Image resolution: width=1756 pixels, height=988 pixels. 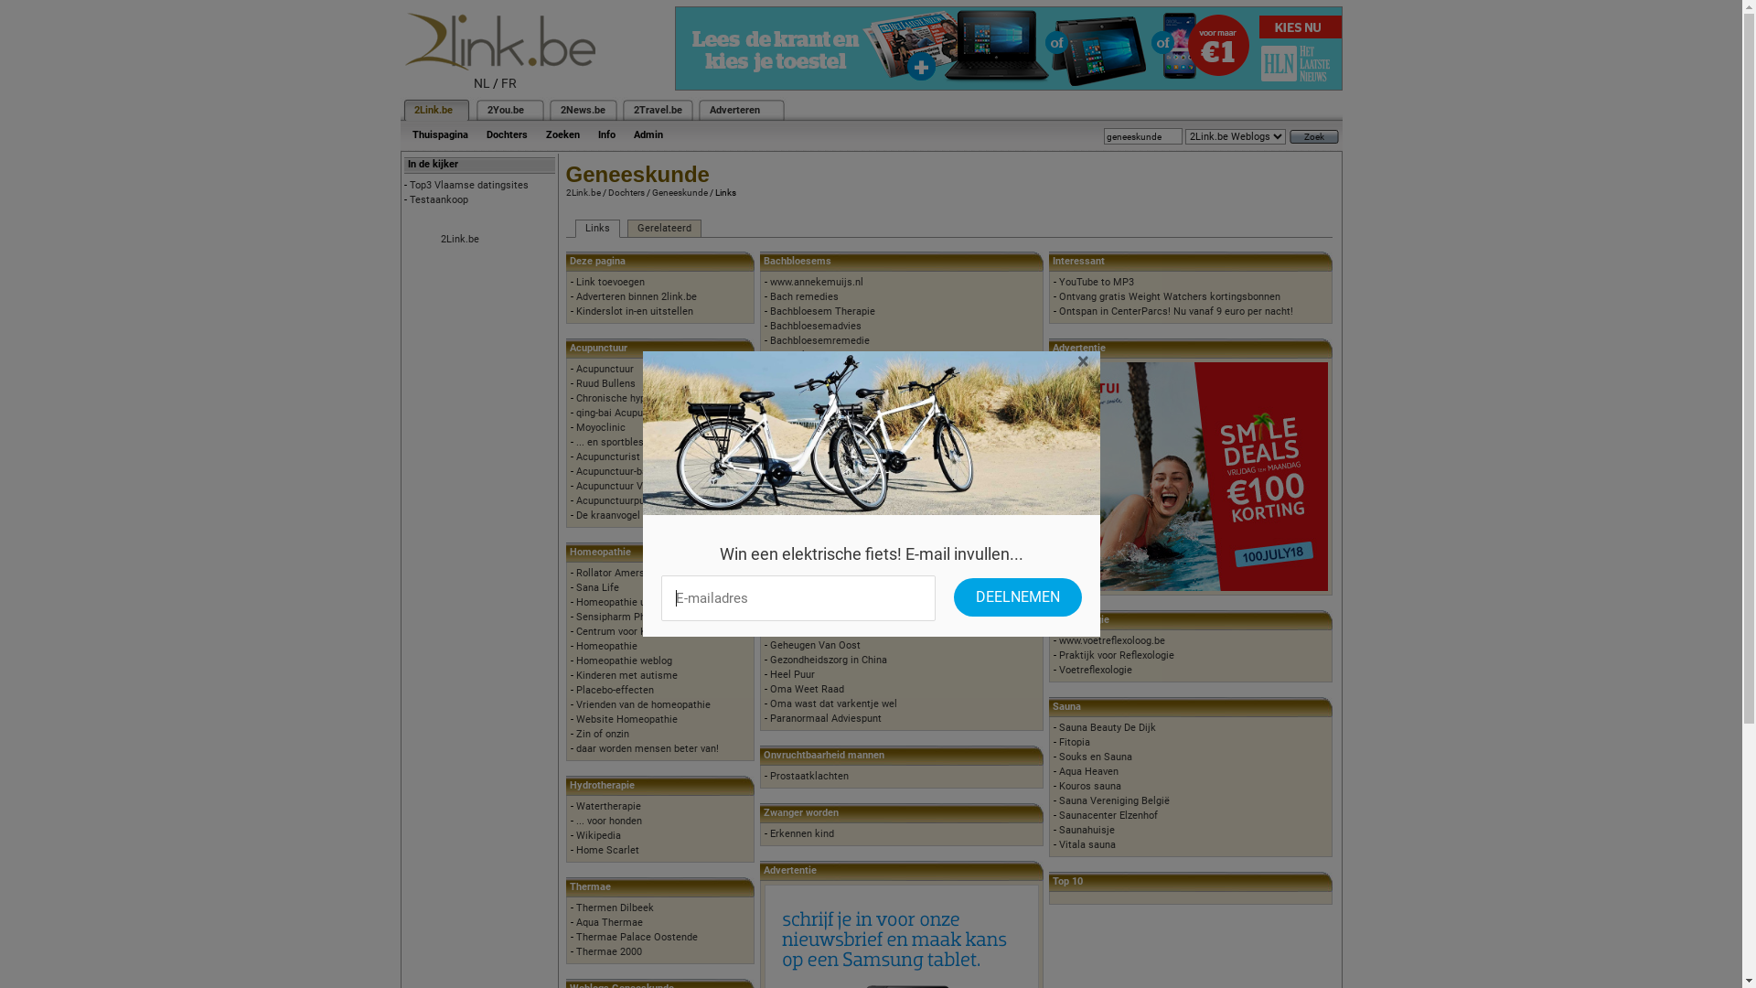 I want to click on 'Kinderen met autisme', so click(x=574, y=675).